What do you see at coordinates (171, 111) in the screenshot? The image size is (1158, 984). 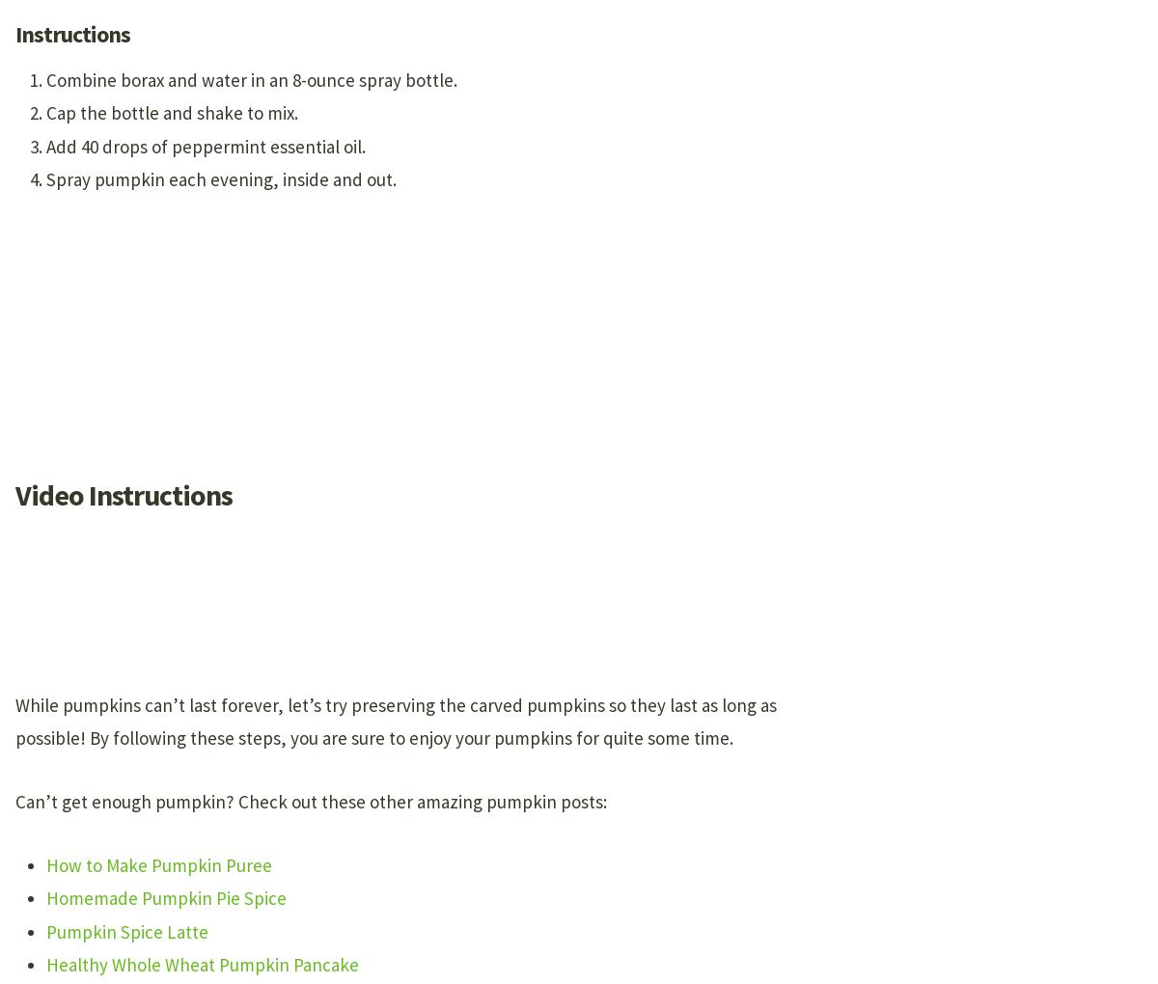 I see `'Cap the bottle and shake to mix.'` at bounding box center [171, 111].